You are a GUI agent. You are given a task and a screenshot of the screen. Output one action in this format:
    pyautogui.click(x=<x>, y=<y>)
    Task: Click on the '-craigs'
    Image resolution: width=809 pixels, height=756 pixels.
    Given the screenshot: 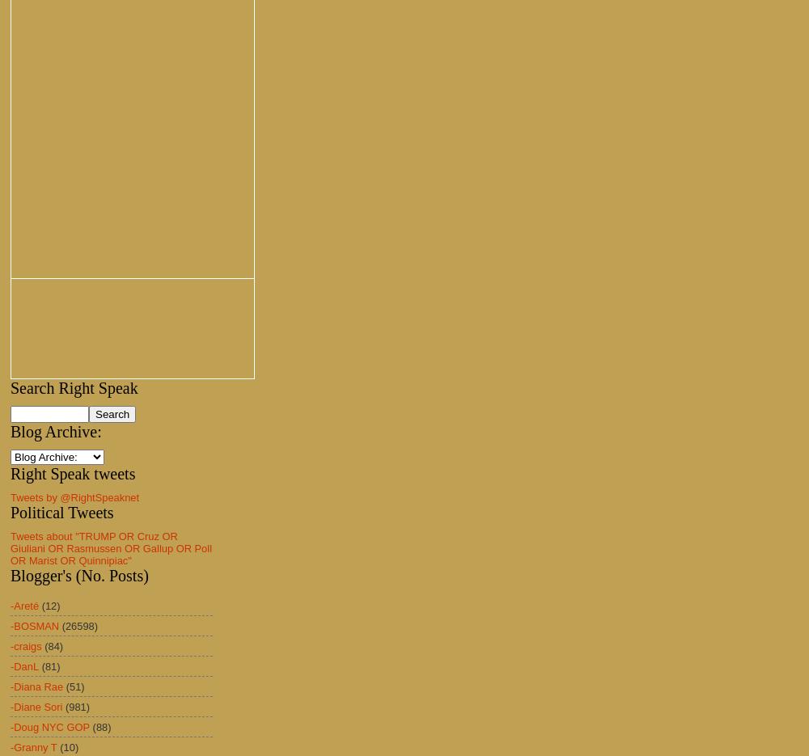 What is the action you would take?
    pyautogui.click(x=26, y=644)
    